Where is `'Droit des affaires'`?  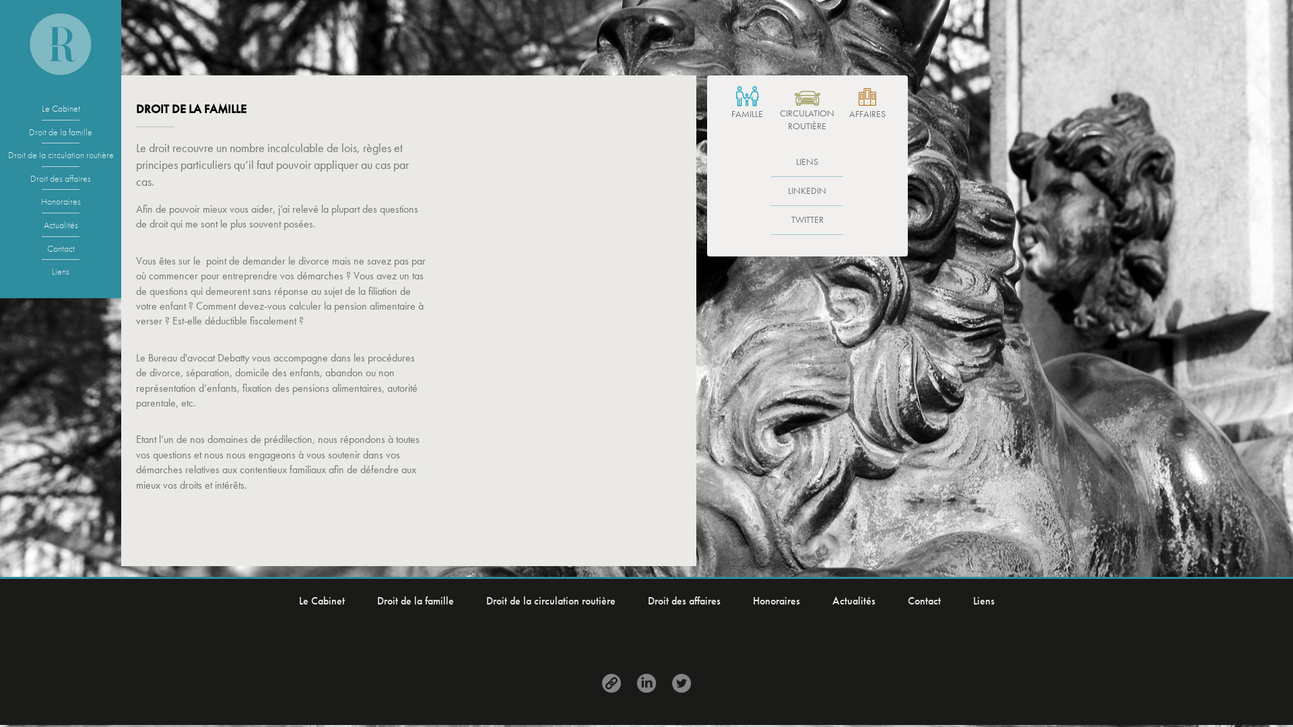
'Droit des affaires' is located at coordinates (30, 183).